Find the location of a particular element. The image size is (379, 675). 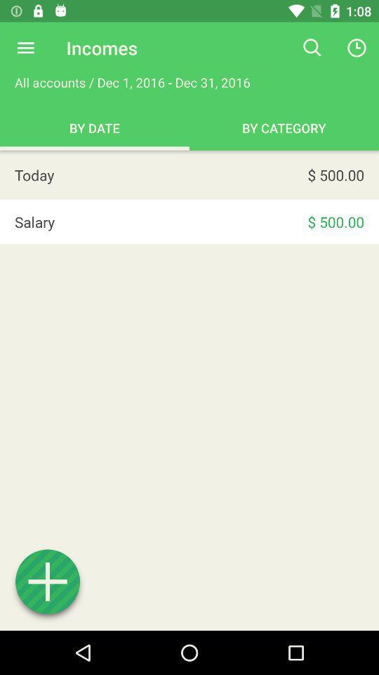

the item next to the incomes icon is located at coordinates (25, 48).